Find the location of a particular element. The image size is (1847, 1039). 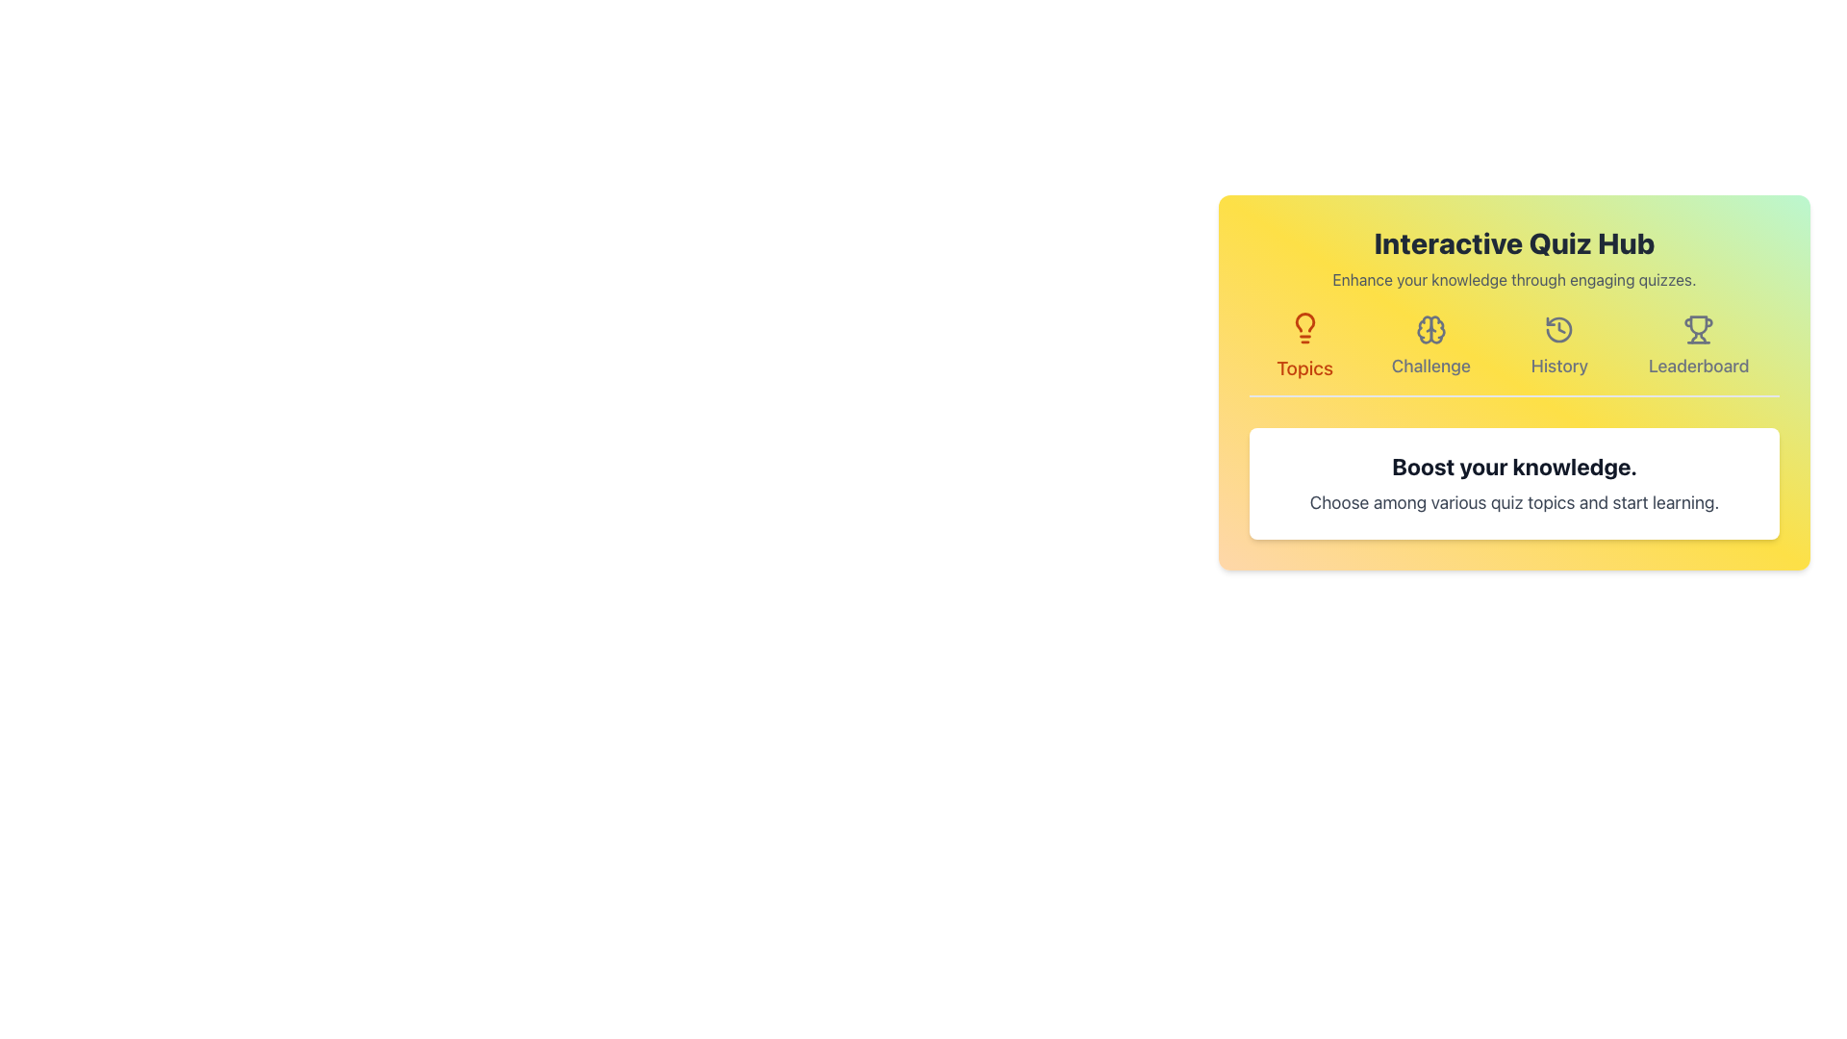

the IconButton that features a brain icon and the text 'Challenge' is located at coordinates (1430, 347).